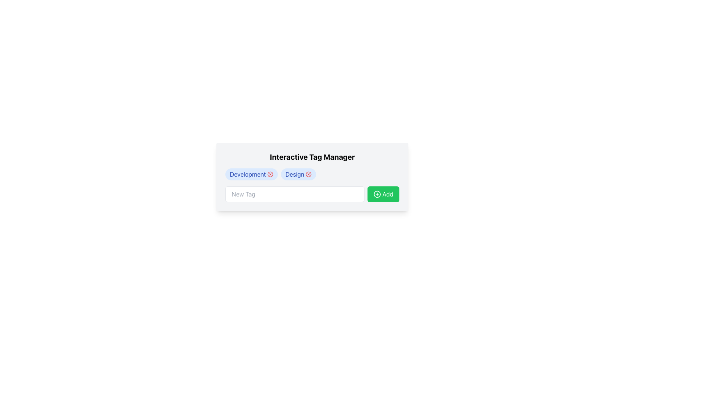  I want to click on the circular icon inside the red-bordered close button of the 'Design' tag, so click(309, 174).